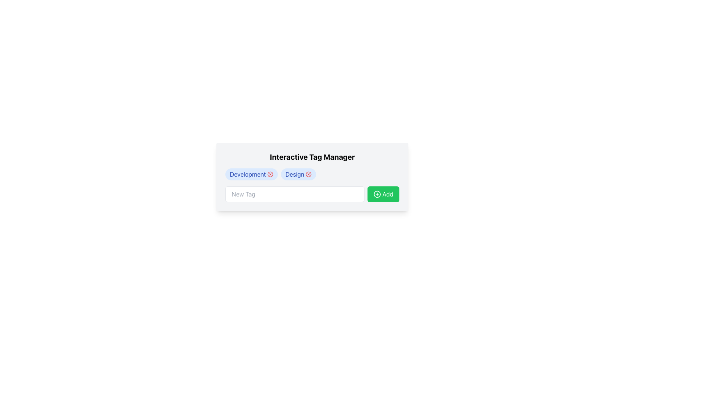  I want to click on the circular icon inside the red-bordered close button of the 'Design' tag, so click(309, 174).